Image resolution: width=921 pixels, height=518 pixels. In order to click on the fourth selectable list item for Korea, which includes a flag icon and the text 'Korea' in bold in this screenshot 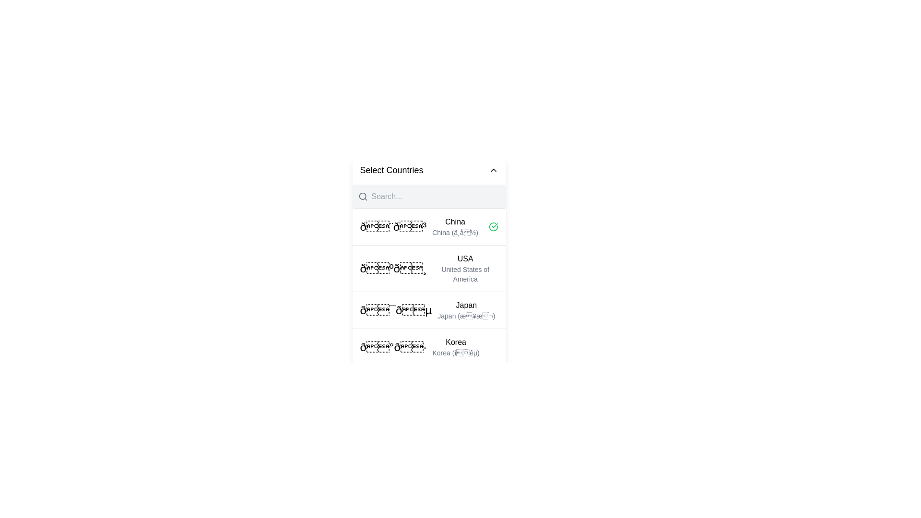, I will do `click(420, 347)`.